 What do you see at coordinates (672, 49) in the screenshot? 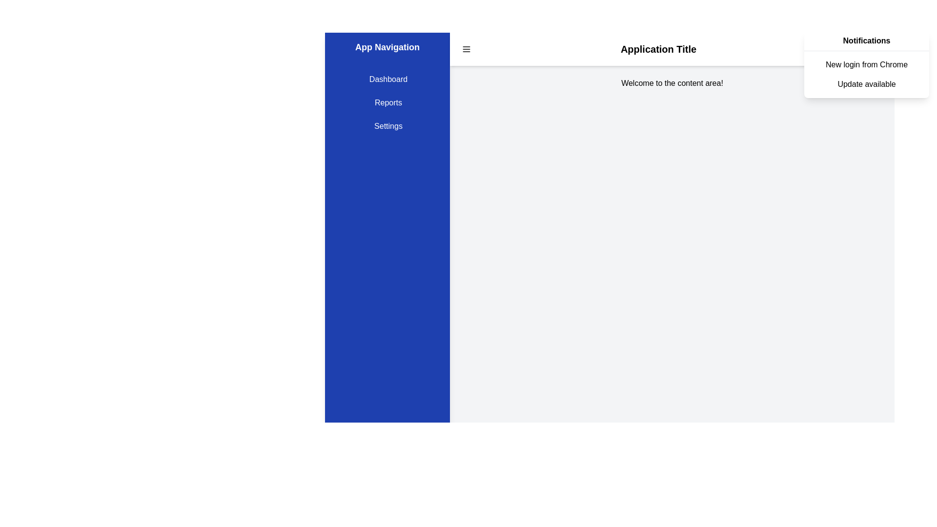
I see `text label located centrally in the top navigation bar, which indicates the current application name` at bounding box center [672, 49].